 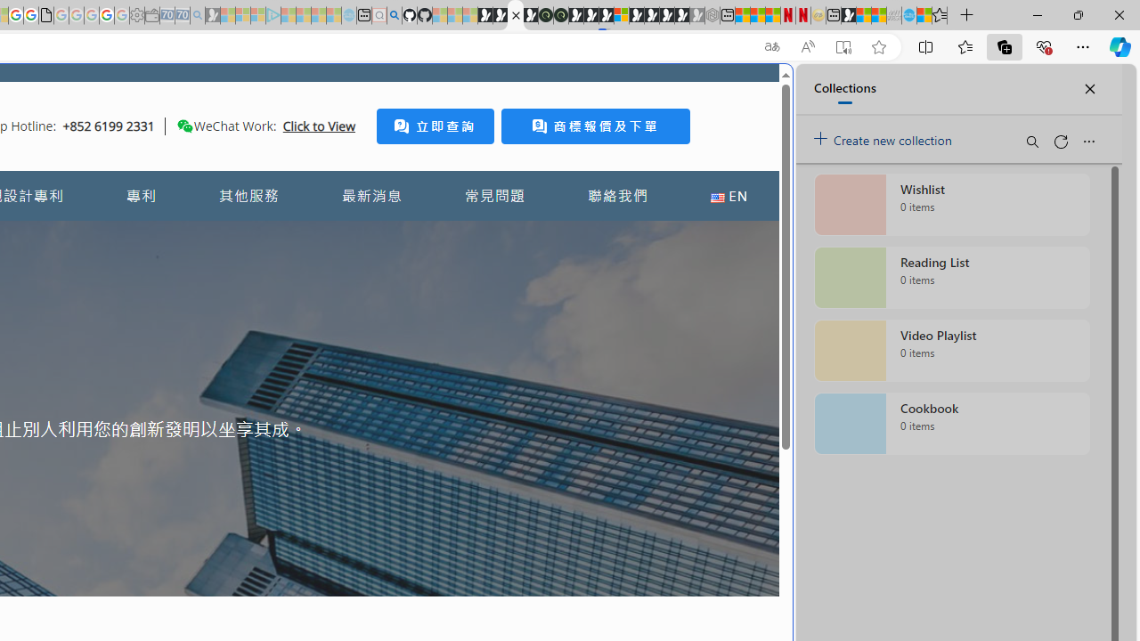 I want to click on 'EN', so click(x=729, y=196).